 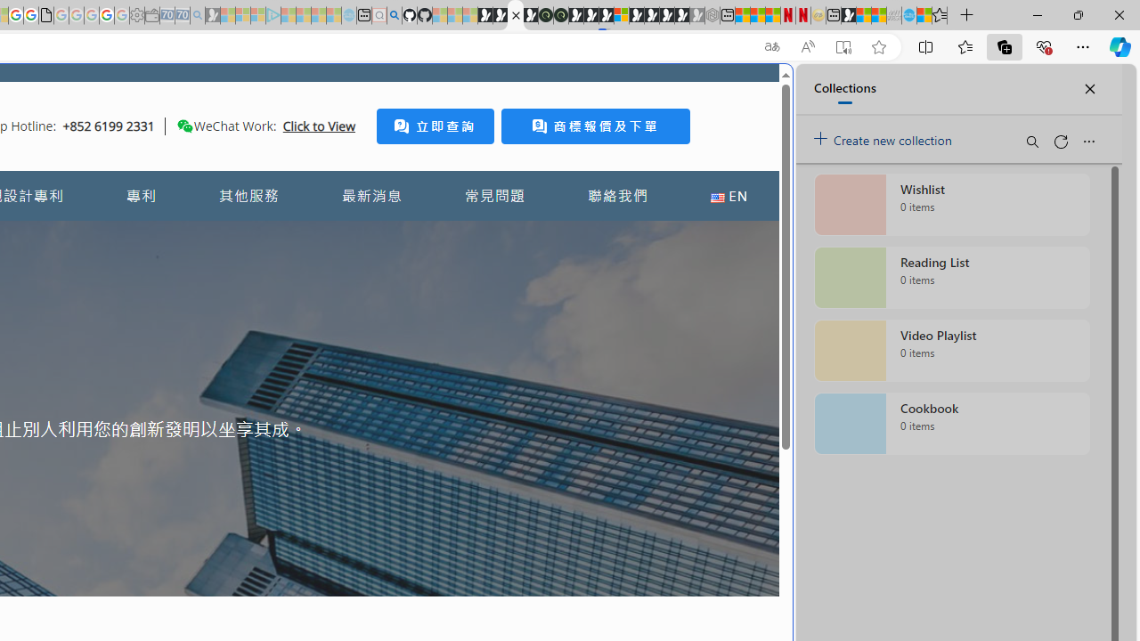 I want to click on 'EN', so click(x=729, y=196).